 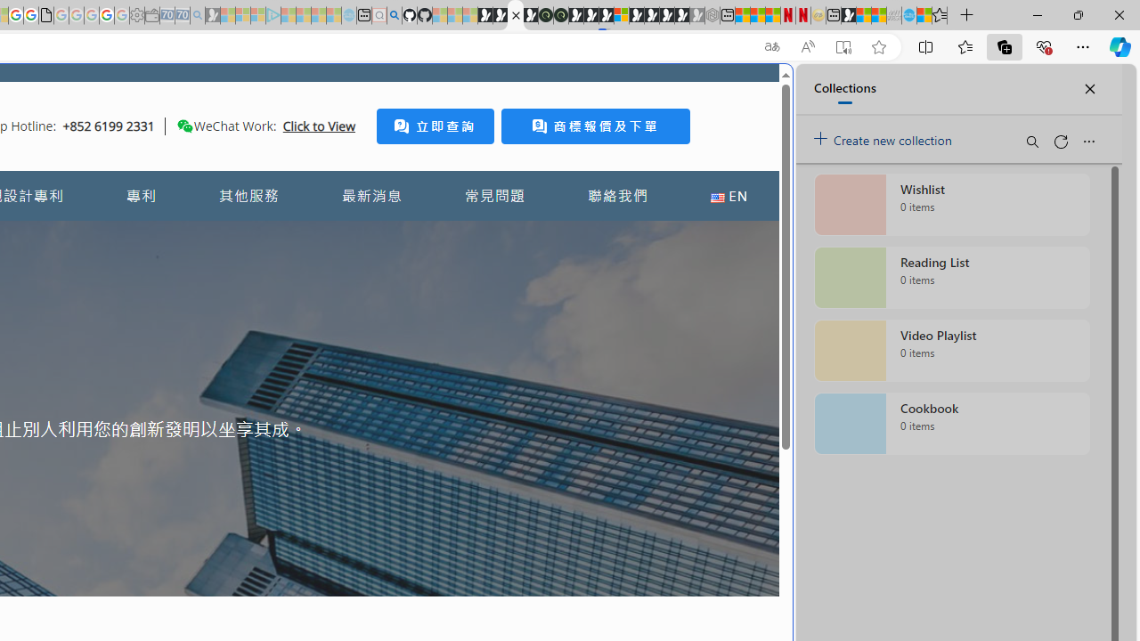 I want to click on 'EN', so click(x=729, y=196).